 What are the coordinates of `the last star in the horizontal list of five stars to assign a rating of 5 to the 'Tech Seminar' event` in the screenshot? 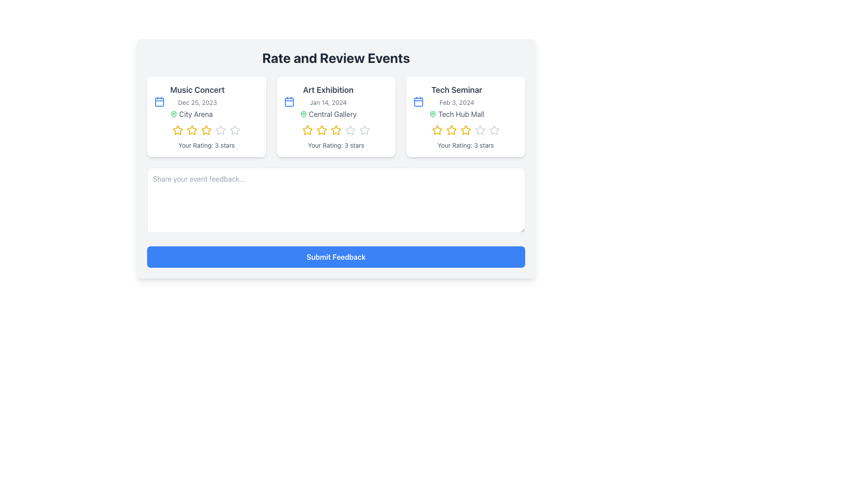 It's located at (494, 130).